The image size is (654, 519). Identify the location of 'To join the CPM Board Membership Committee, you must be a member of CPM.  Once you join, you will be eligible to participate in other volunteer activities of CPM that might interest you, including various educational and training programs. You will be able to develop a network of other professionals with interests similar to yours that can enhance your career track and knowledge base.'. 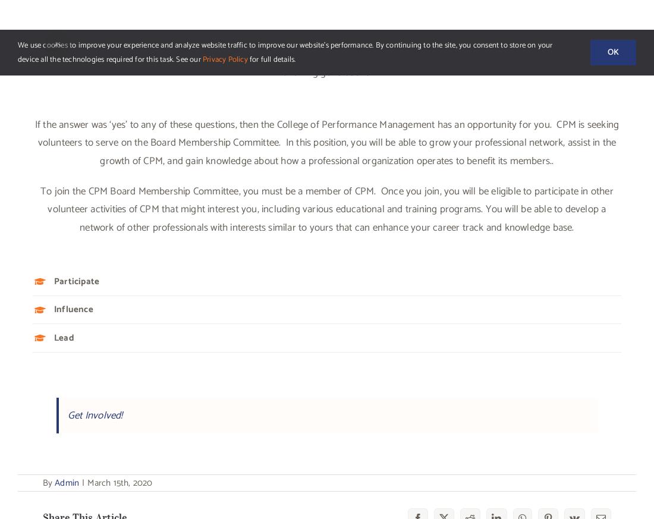
(39, 208).